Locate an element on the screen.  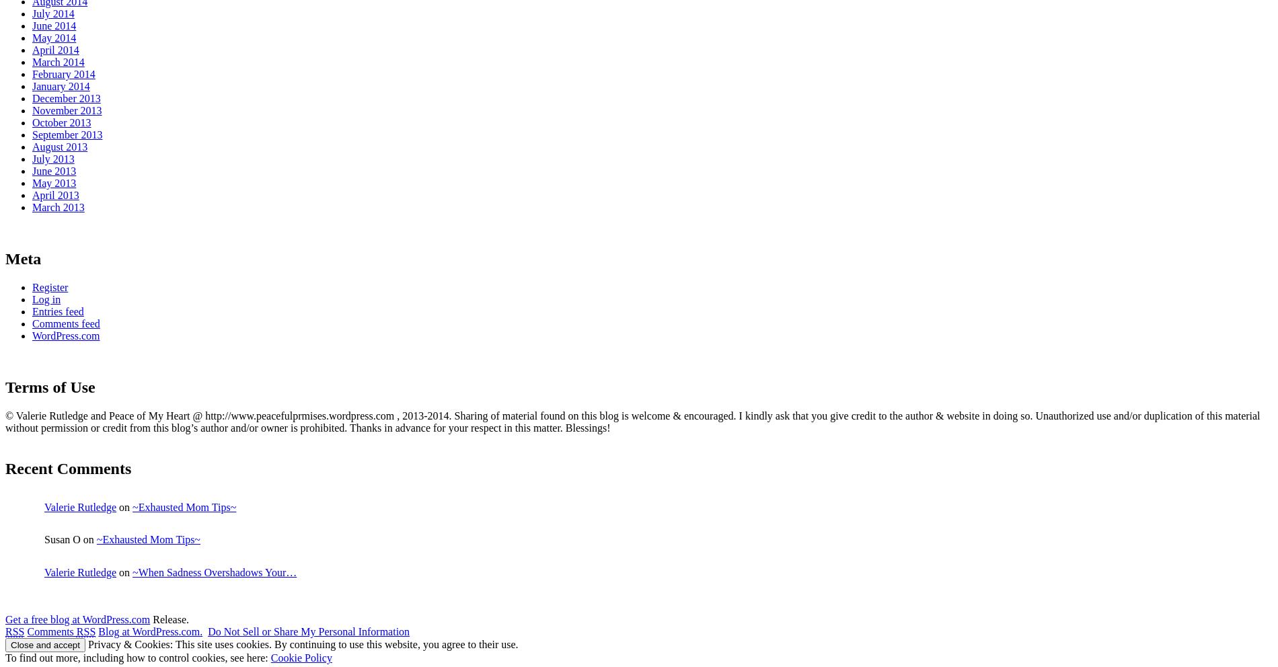
'Susan O on' is located at coordinates (70, 539).